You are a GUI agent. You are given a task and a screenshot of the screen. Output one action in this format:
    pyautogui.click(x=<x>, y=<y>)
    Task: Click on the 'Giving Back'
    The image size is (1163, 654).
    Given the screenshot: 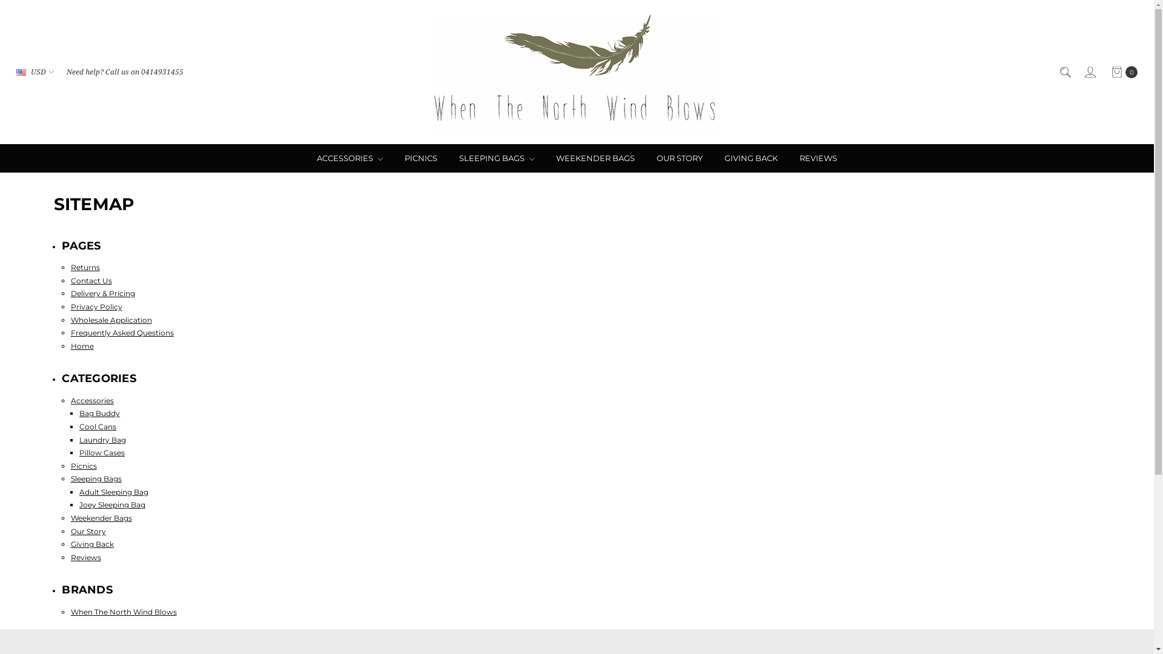 What is the action you would take?
    pyautogui.click(x=91, y=543)
    